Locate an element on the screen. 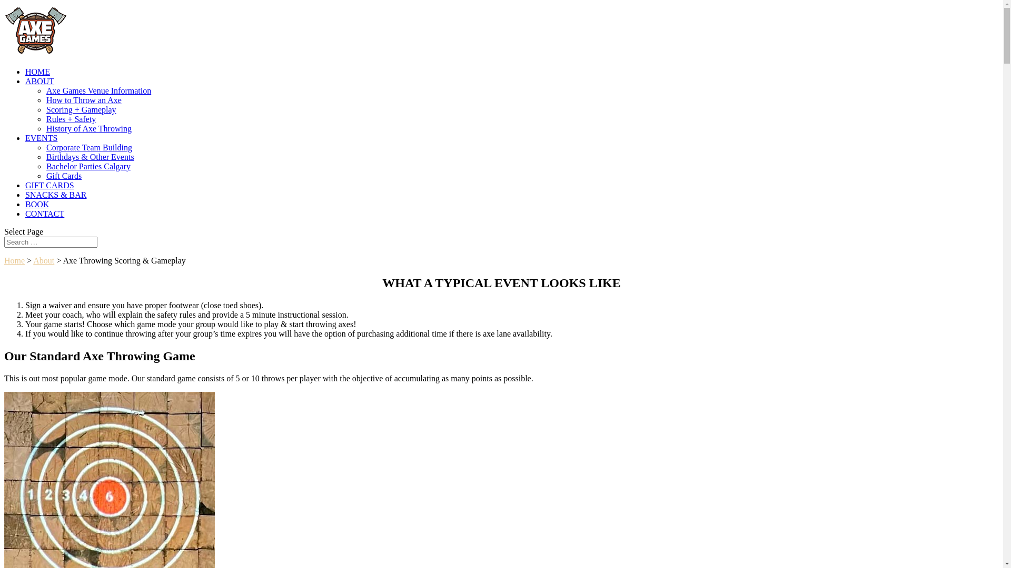 The image size is (1011, 568). 'HOME' is located at coordinates (37, 71).